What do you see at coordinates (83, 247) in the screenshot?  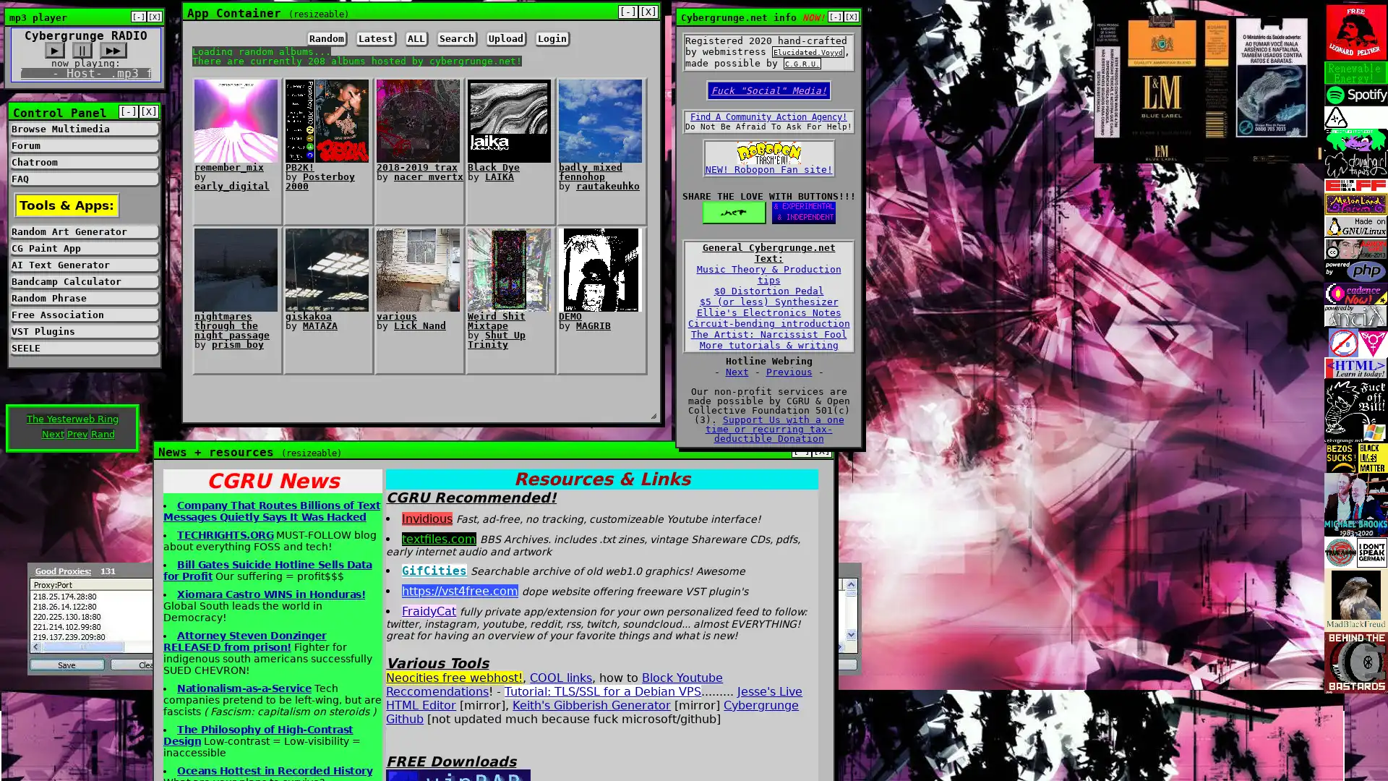 I see `CG Paint App` at bounding box center [83, 247].